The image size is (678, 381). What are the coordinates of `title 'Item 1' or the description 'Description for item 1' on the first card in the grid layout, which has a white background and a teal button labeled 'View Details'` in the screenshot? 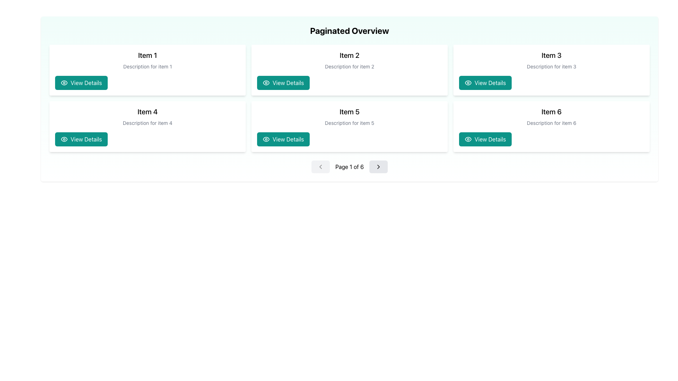 It's located at (147, 70).